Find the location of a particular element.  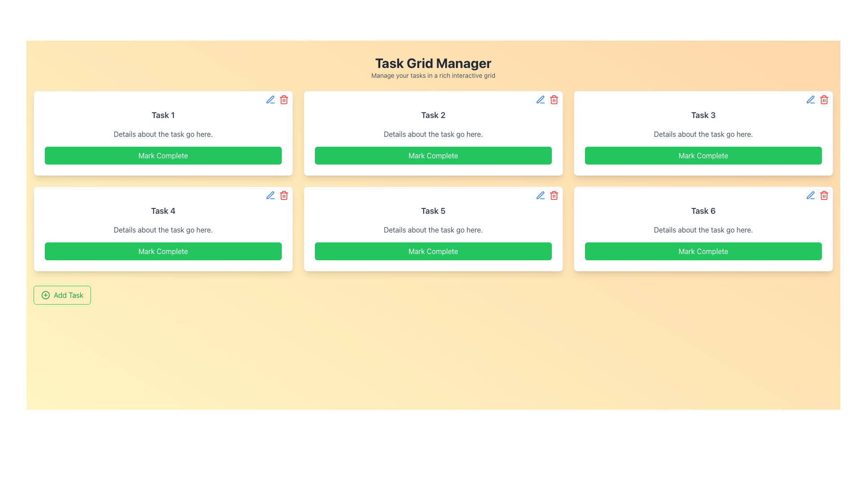

the text label located in the sixth card of the task grid, positioned below 'Task 6' and above the 'Mark Complete' button is located at coordinates (703, 229).